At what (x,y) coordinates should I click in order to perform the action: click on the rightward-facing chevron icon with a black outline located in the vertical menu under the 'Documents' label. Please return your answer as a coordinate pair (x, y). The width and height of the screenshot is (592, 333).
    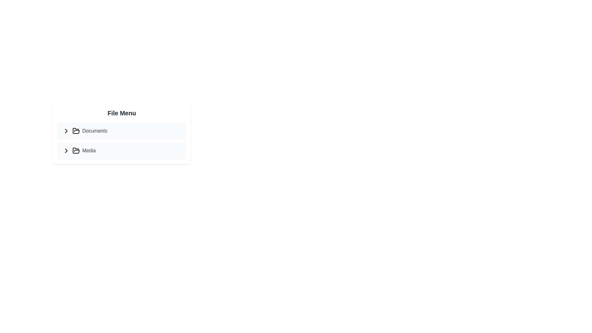
    Looking at the image, I should click on (66, 130).